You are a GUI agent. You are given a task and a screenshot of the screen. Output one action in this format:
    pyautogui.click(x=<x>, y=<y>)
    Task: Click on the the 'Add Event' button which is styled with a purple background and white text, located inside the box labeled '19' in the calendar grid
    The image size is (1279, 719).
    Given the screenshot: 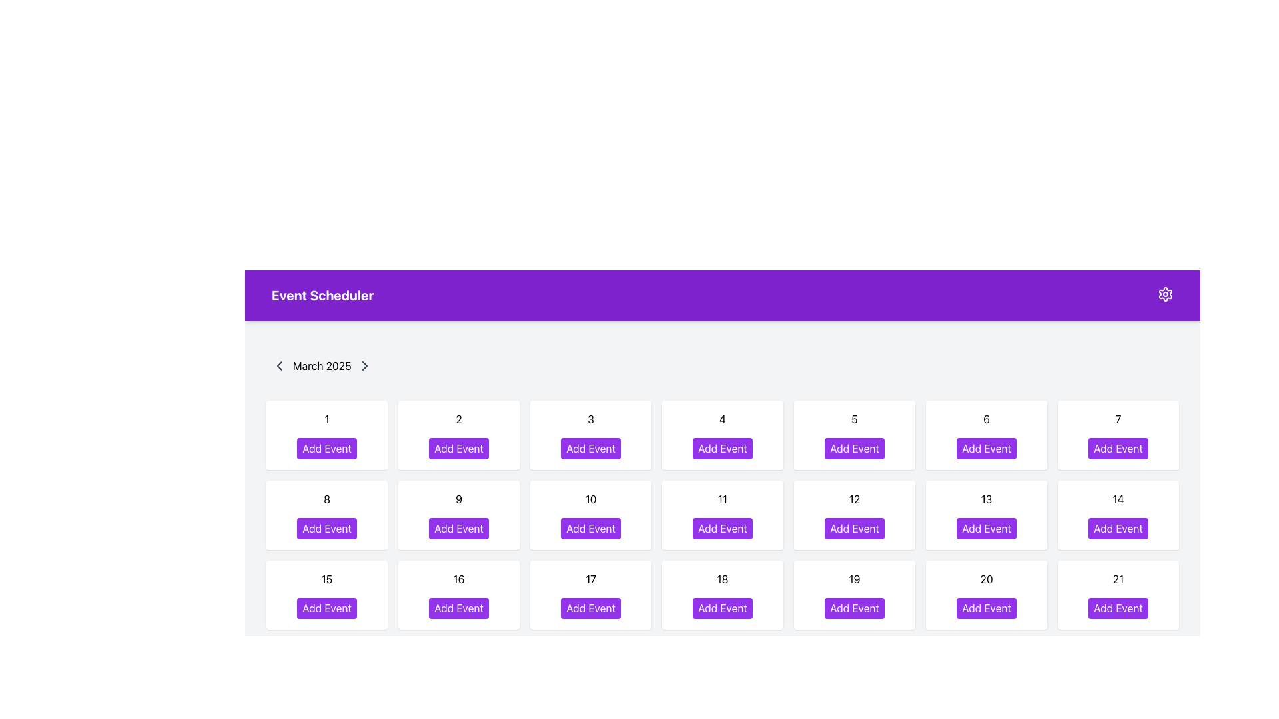 What is the action you would take?
    pyautogui.click(x=854, y=608)
    